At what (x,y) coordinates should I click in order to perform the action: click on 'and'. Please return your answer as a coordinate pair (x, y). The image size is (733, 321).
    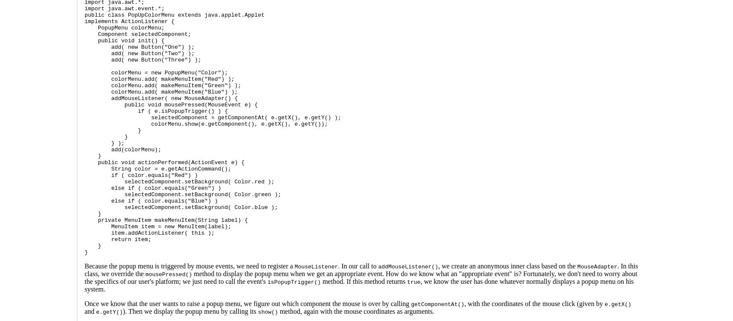
    Looking at the image, I should click on (90, 311).